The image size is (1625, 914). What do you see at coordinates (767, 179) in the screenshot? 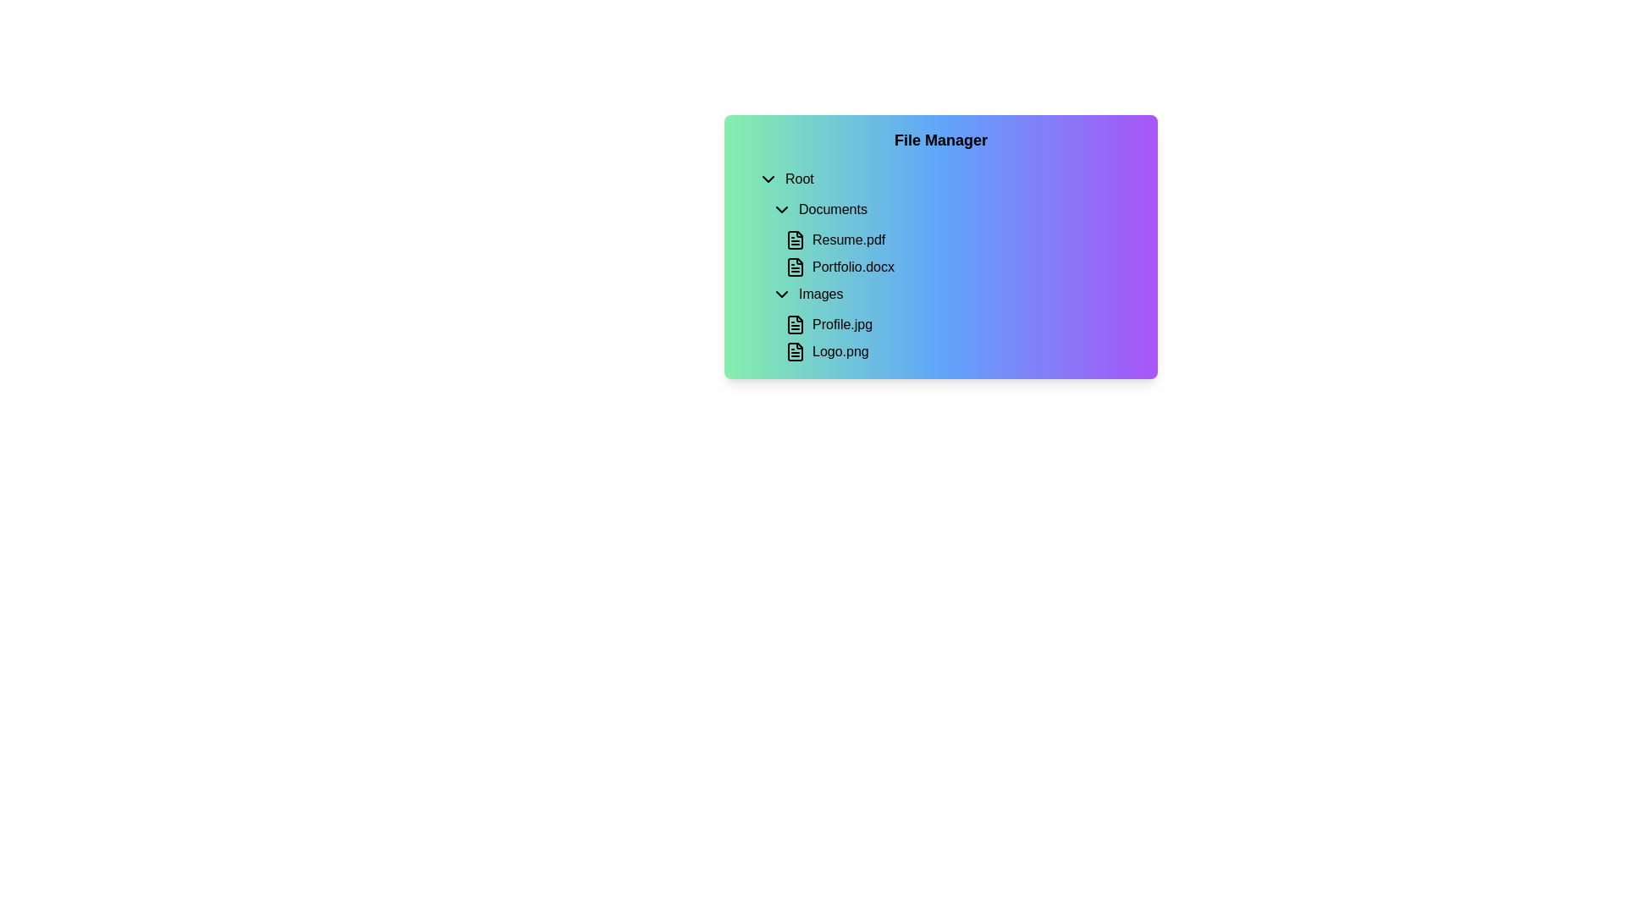
I see `the Dropdown Icon located to the immediate left of the text 'Root'` at bounding box center [767, 179].